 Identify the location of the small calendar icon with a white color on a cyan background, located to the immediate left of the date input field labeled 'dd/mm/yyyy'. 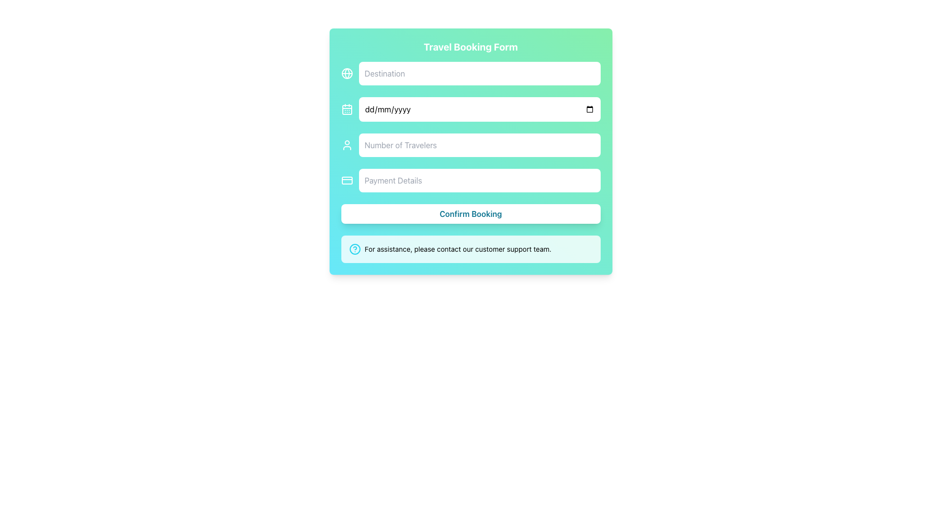
(347, 109).